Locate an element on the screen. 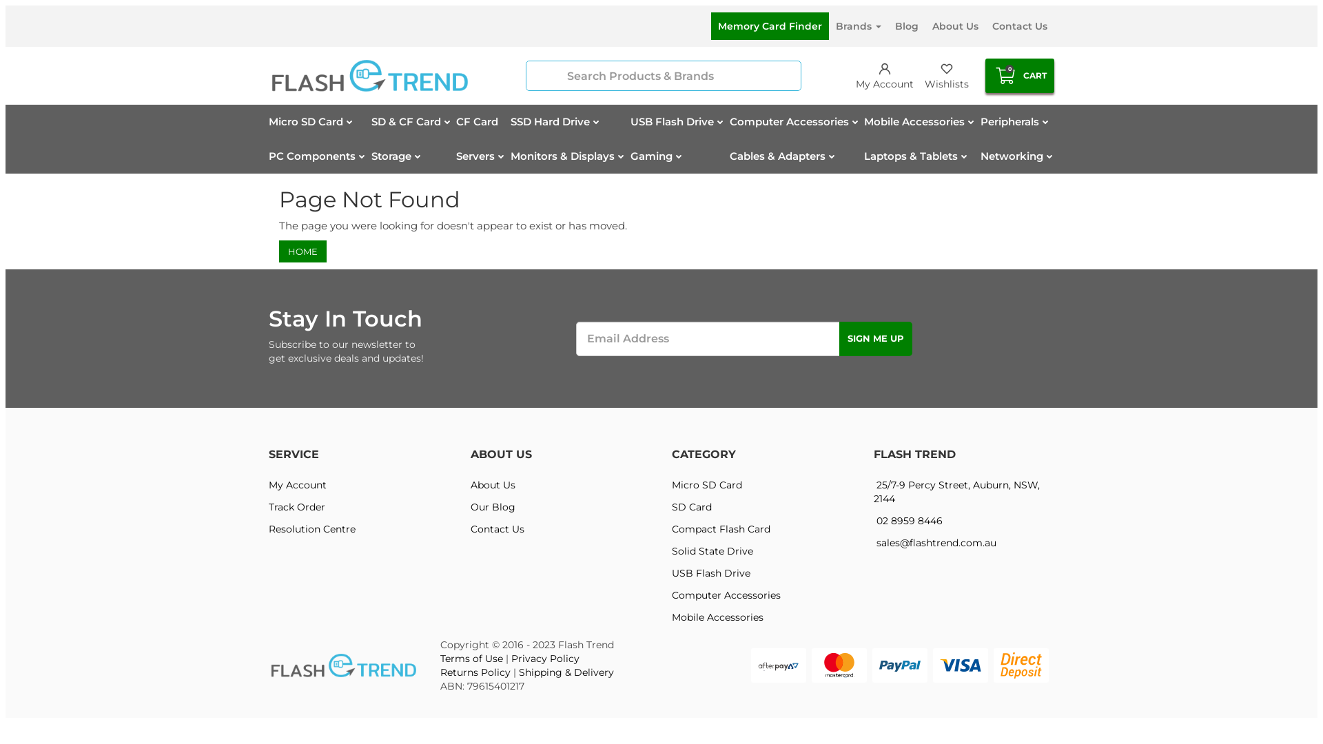 The image size is (1323, 744). 'Storage' is located at coordinates (396, 156).